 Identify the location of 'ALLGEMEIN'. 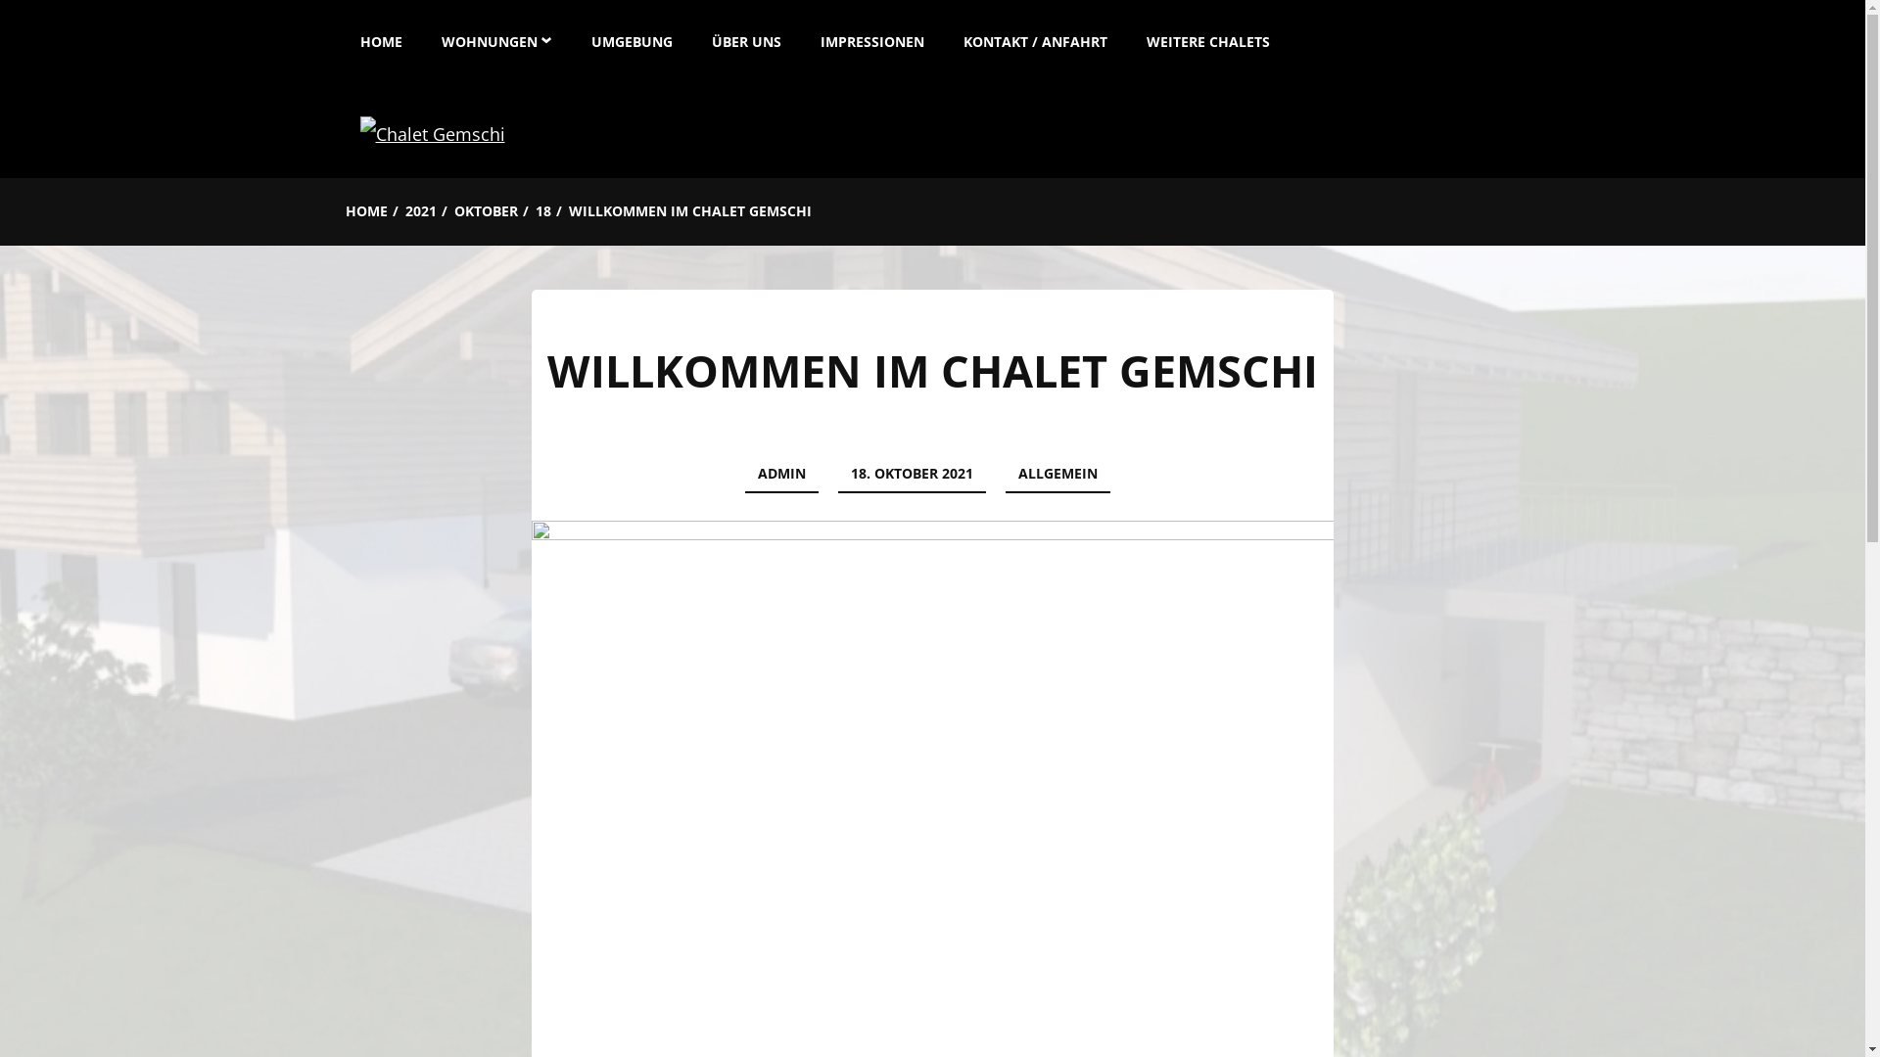
(1006, 475).